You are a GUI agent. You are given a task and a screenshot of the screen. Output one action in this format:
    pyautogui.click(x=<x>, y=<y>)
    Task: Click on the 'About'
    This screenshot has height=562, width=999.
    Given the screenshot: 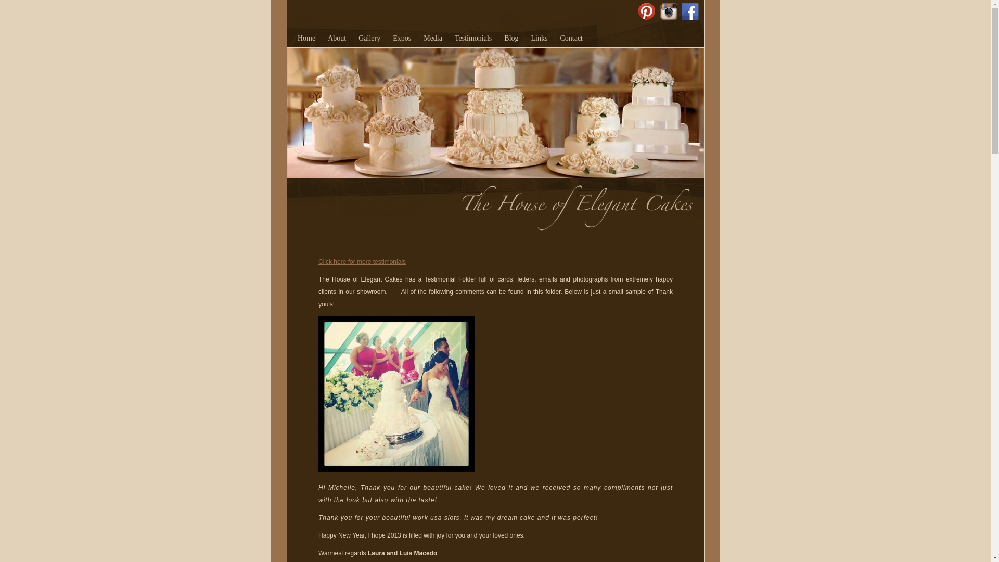 What is the action you would take?
    pyautogui.click(x=337, y=37)
    